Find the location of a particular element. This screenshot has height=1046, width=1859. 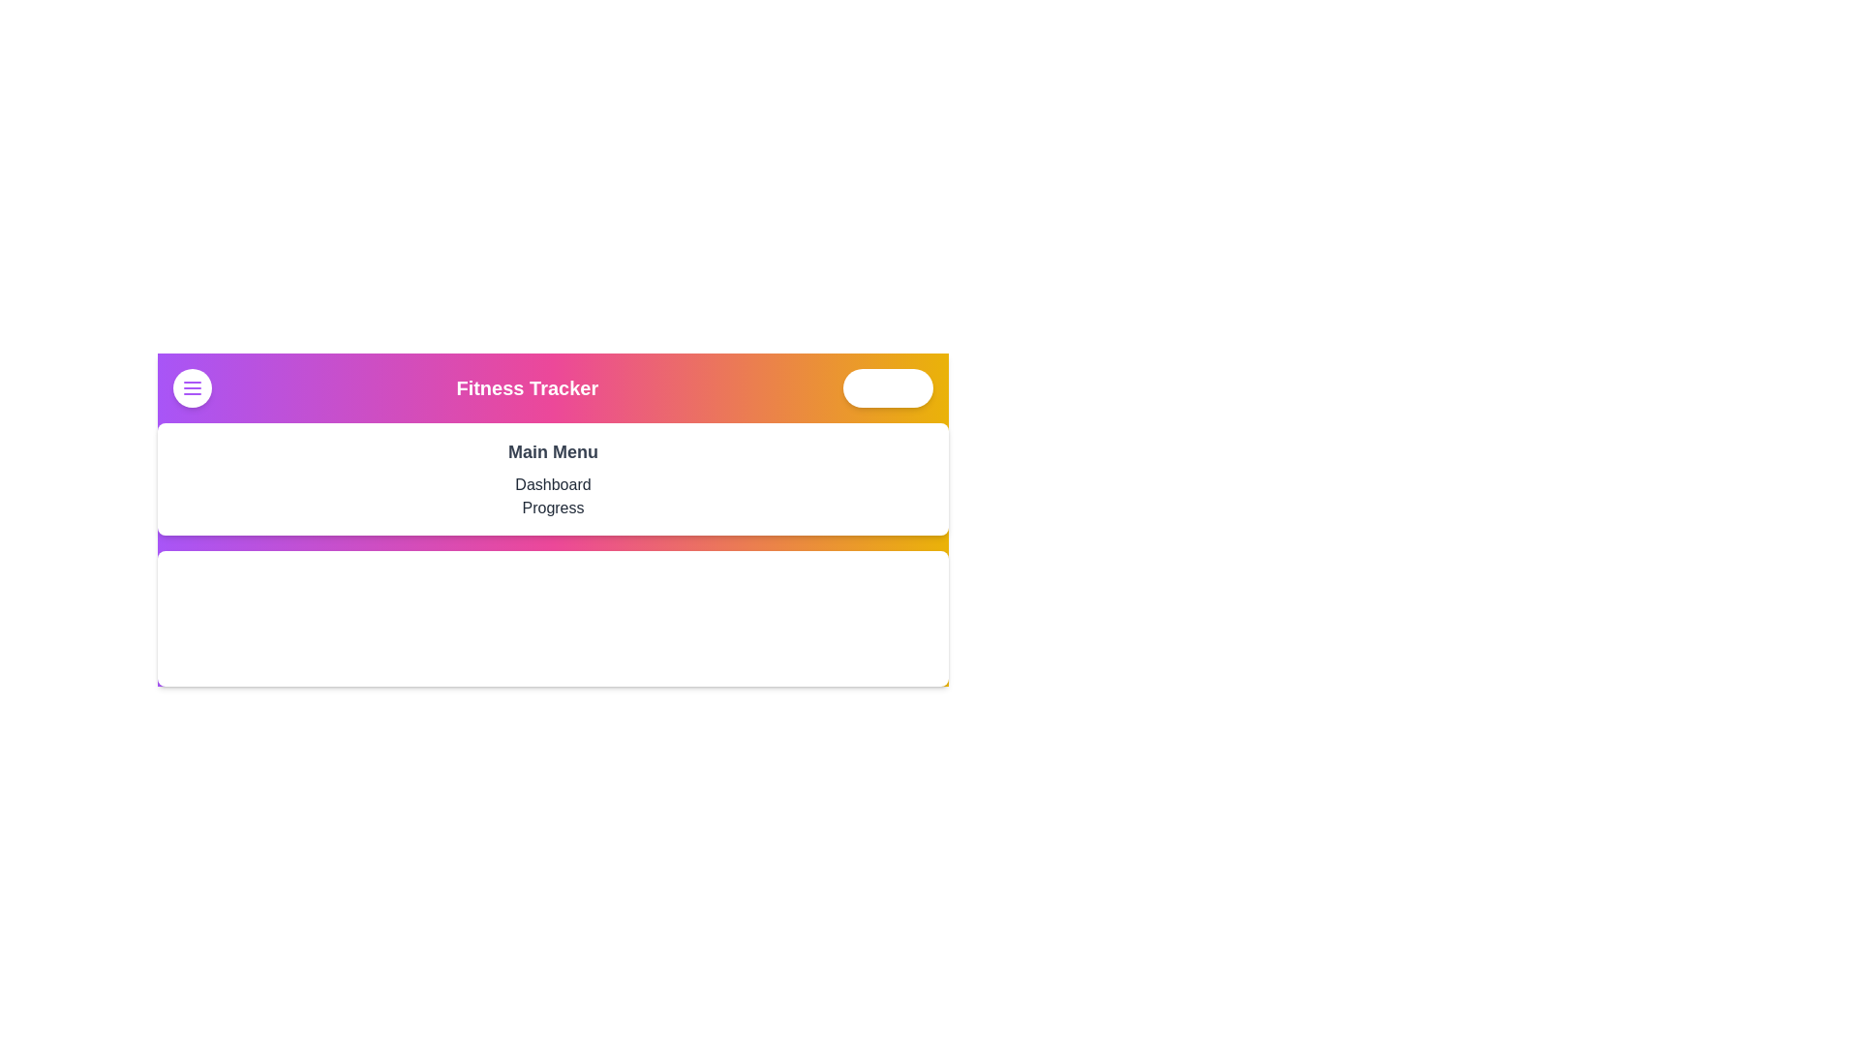

the menu item Progress is located at coordinates (552, 507).